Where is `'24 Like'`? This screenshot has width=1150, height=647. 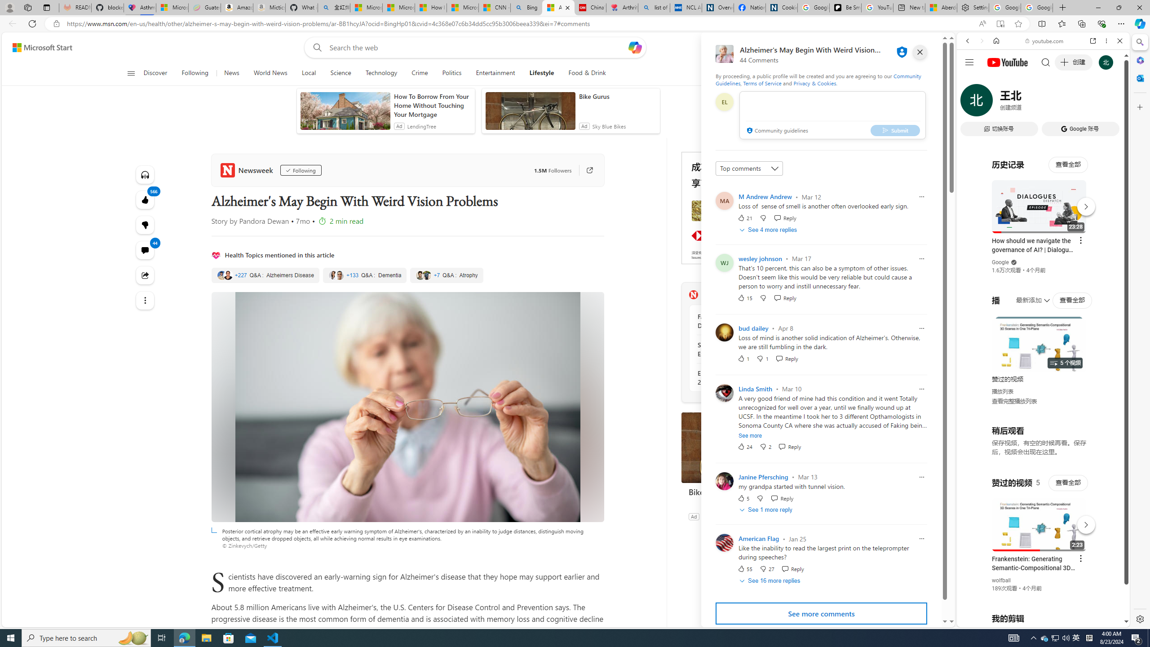
'24 Like' is located at coordinates (744, 446).